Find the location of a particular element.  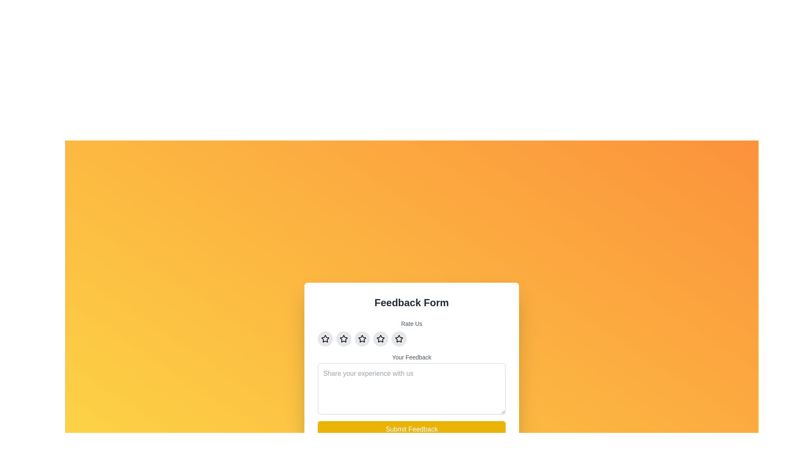

the third star button in the 'Rate Us' section to interact with it for rating input is located at coordinates (362, 338).